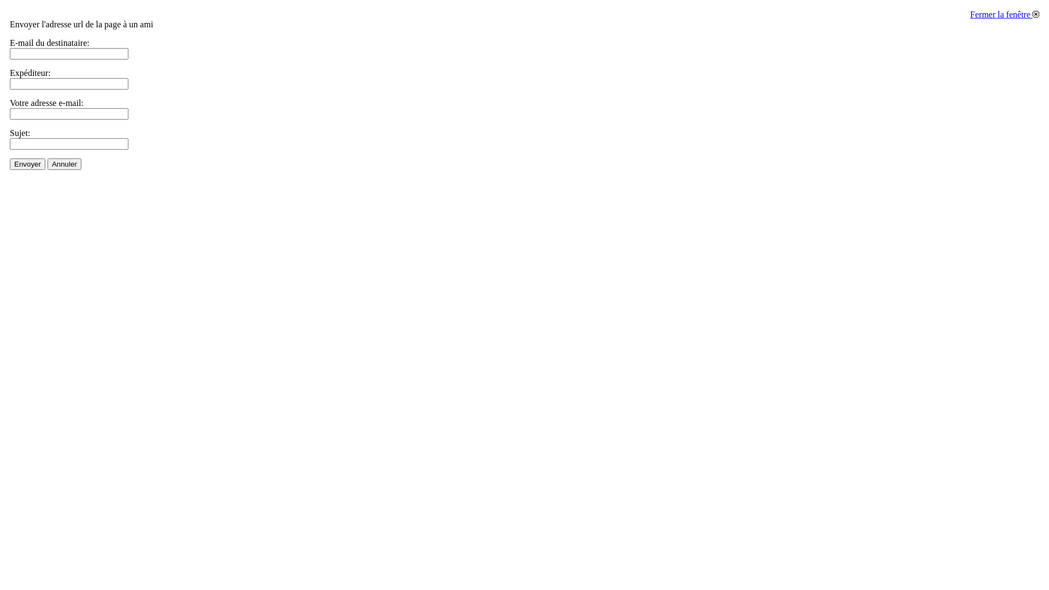 The width and height of the screenshot is (1049, 590). What do you see at coordinates (27, 164) in the screenshot?
I see `'Envoyer'` at bounding box center [27, 164].